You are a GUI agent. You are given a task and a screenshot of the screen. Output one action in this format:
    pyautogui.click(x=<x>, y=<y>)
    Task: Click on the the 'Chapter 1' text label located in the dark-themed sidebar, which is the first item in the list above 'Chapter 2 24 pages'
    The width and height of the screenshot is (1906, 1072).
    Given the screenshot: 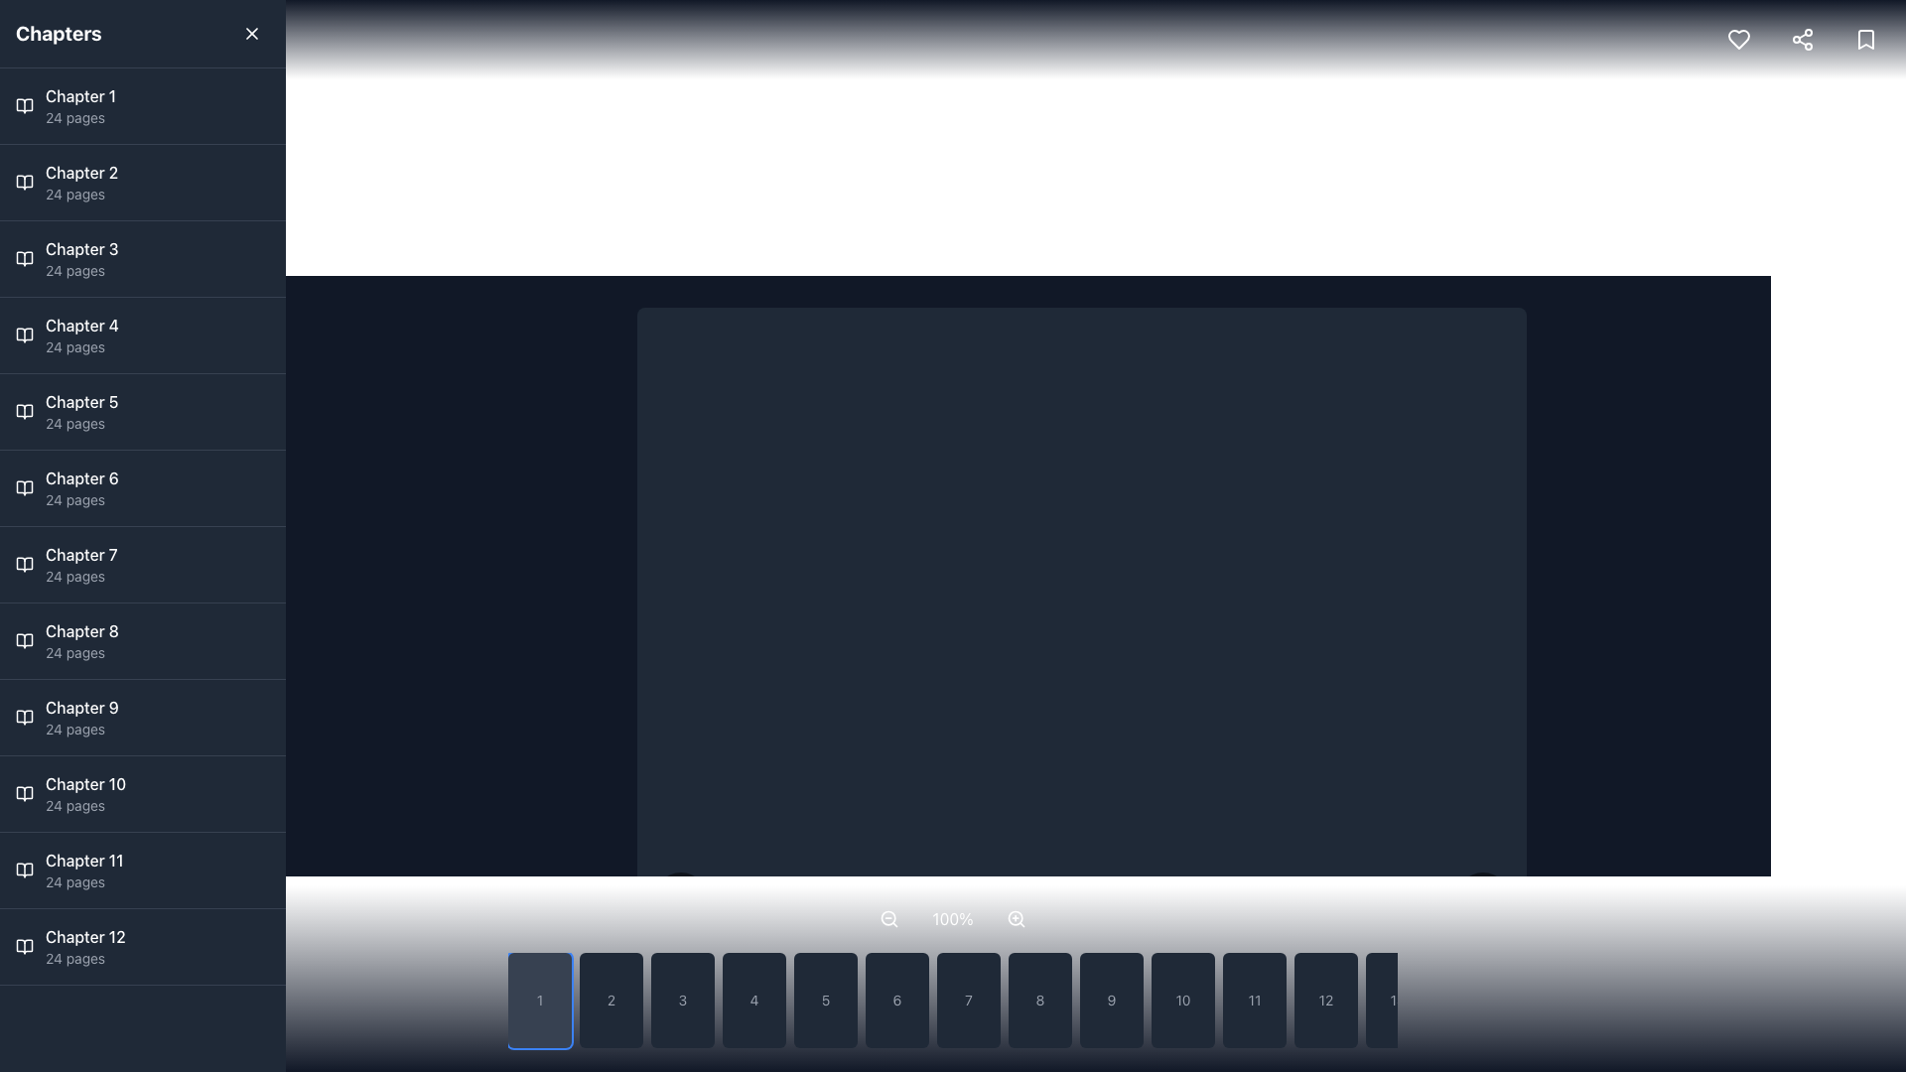 What is the action you would take?
    pyautogui.click(x=79, y=95)
    